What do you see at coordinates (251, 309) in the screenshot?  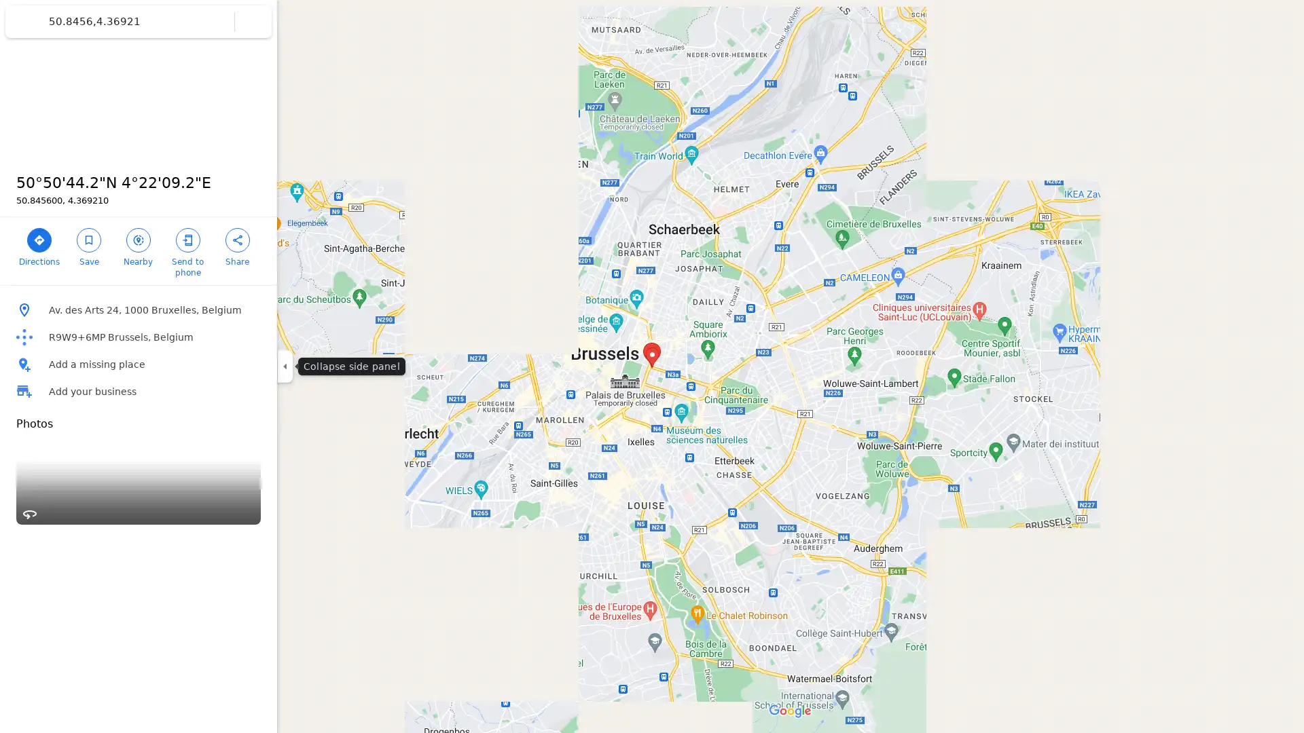 I see `Copy address` at bounding box center [251, 309].